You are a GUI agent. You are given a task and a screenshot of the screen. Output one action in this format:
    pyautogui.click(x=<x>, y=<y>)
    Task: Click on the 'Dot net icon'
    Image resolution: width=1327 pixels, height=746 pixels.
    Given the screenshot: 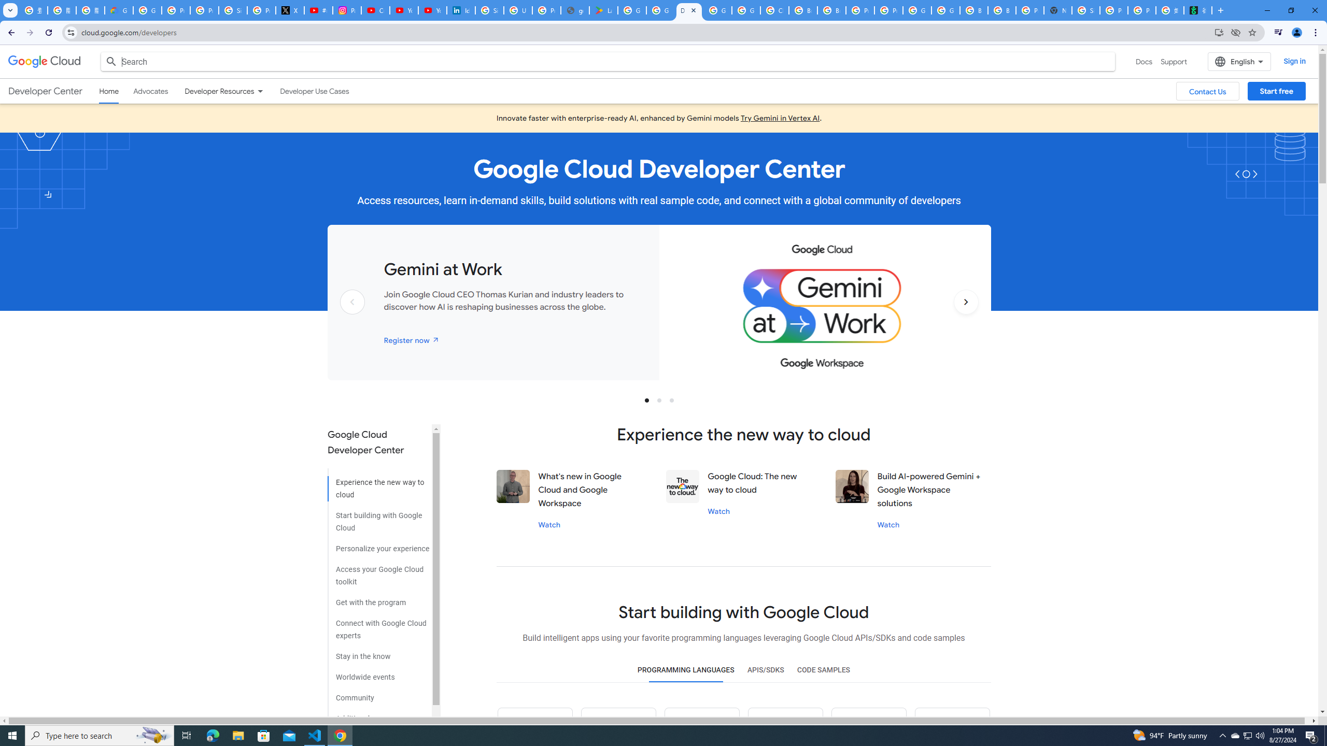 What is the action you would take?
    pyautogui.click(x=868, y=726)
    